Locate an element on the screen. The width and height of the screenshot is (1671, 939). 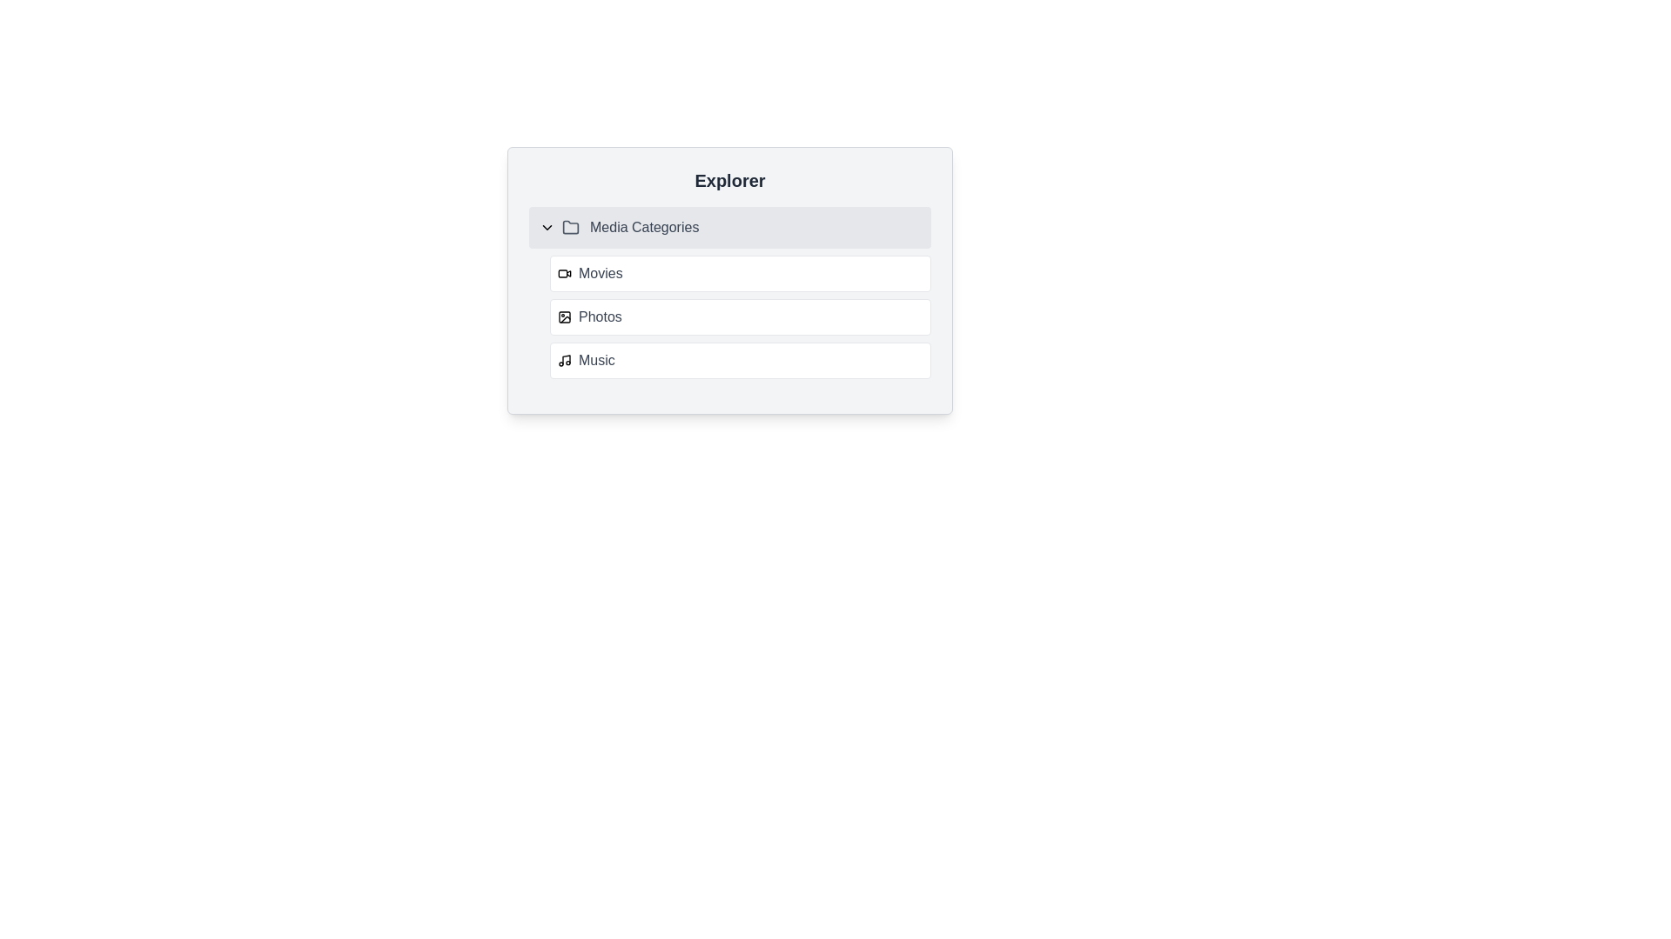
the 'Photos' text label is located at coordinates (600, 317).